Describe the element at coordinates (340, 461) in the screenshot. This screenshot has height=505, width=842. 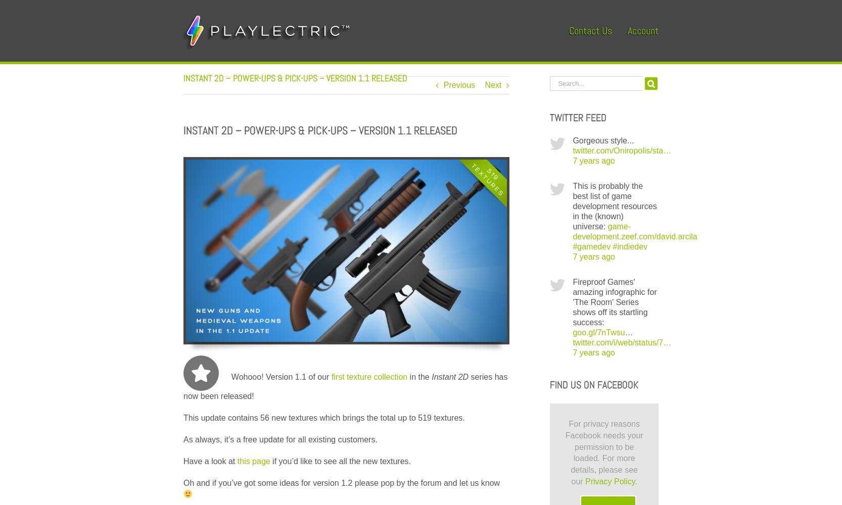
I see `'if you’d like to see all the new textures.'` at that location.